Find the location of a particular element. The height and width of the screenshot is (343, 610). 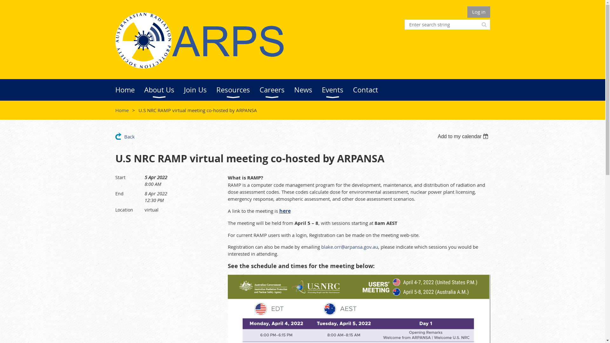

'News' is located at coordinates (308, 90).